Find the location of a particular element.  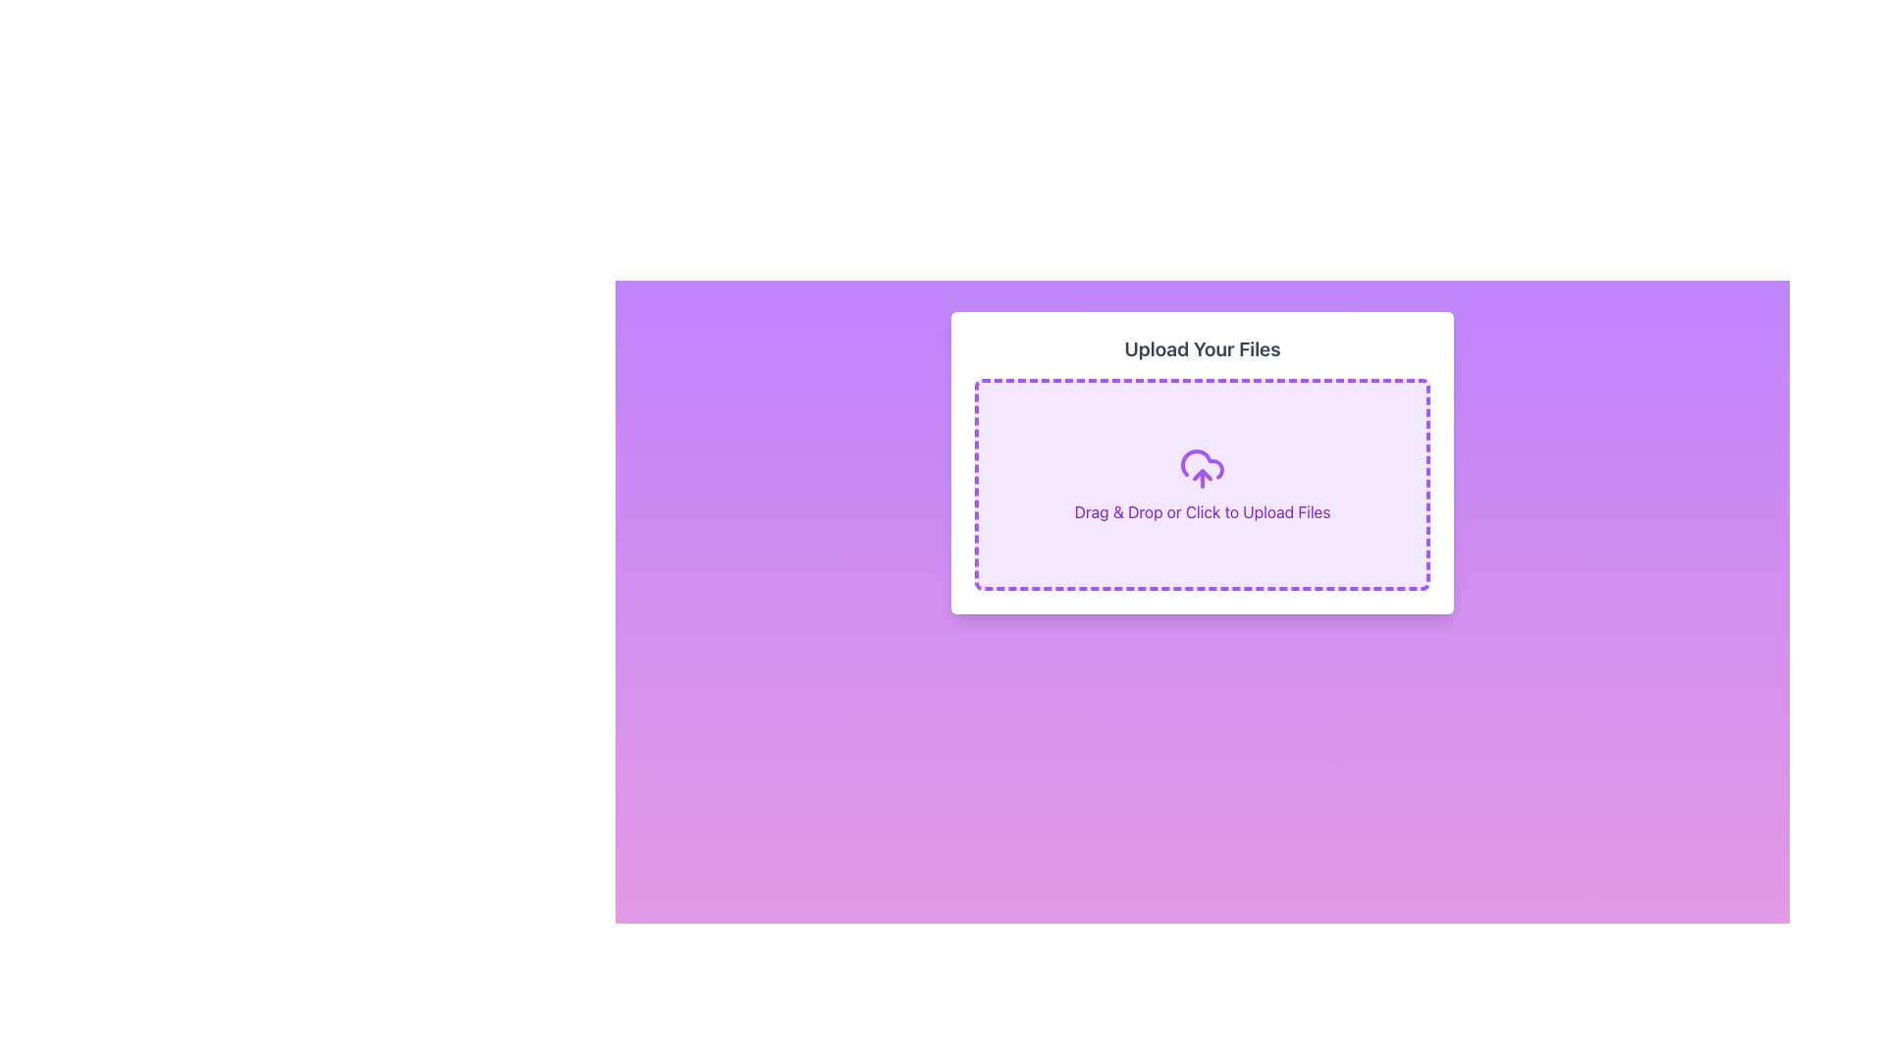

upward-pointing purple chevron icon located at the bottom-center of the cloud-shaped upload dialog box for styling or testing purposes is located at coordinates (1201, 474).